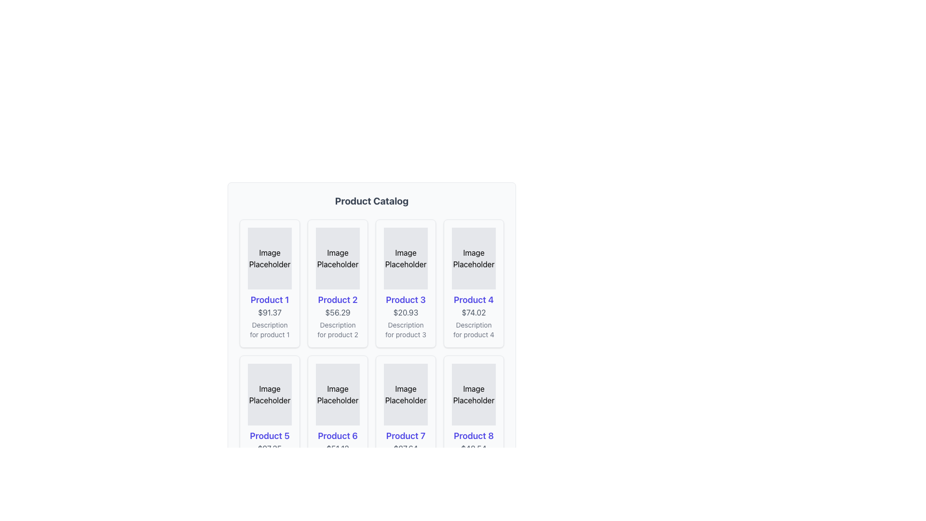 This screenshot has width=926, height=521. Describe the element at coordinates (474, 436) in the screenshot. I see `text label 'Product 8' which is styled in bold indigo font, located in the bottom-left section of the grid layout in the second row's last column of the product card` at that location.